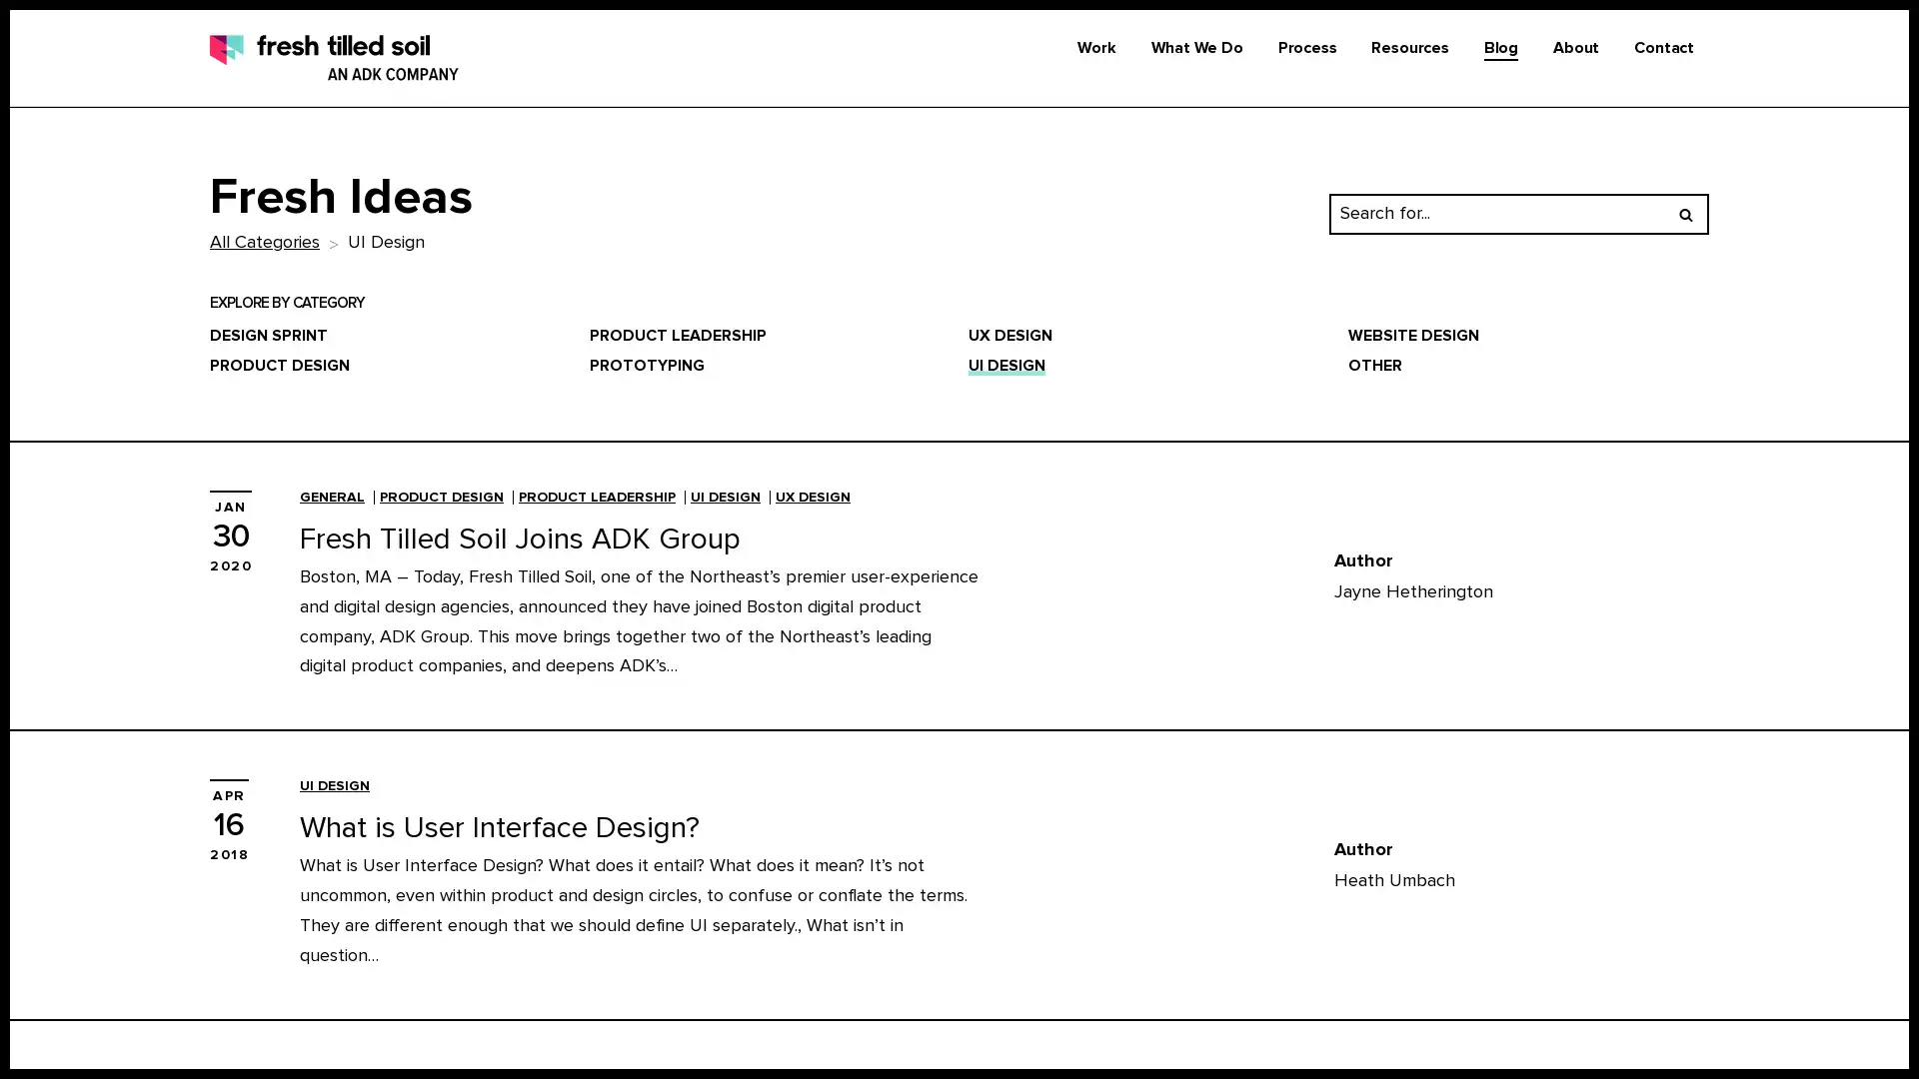 The image size is (1919, 1079). What do you see at coordinates (1684, 212) in the screenshot?
I see `SUBMIT SEARCH` at bounding box center [1684, 212].